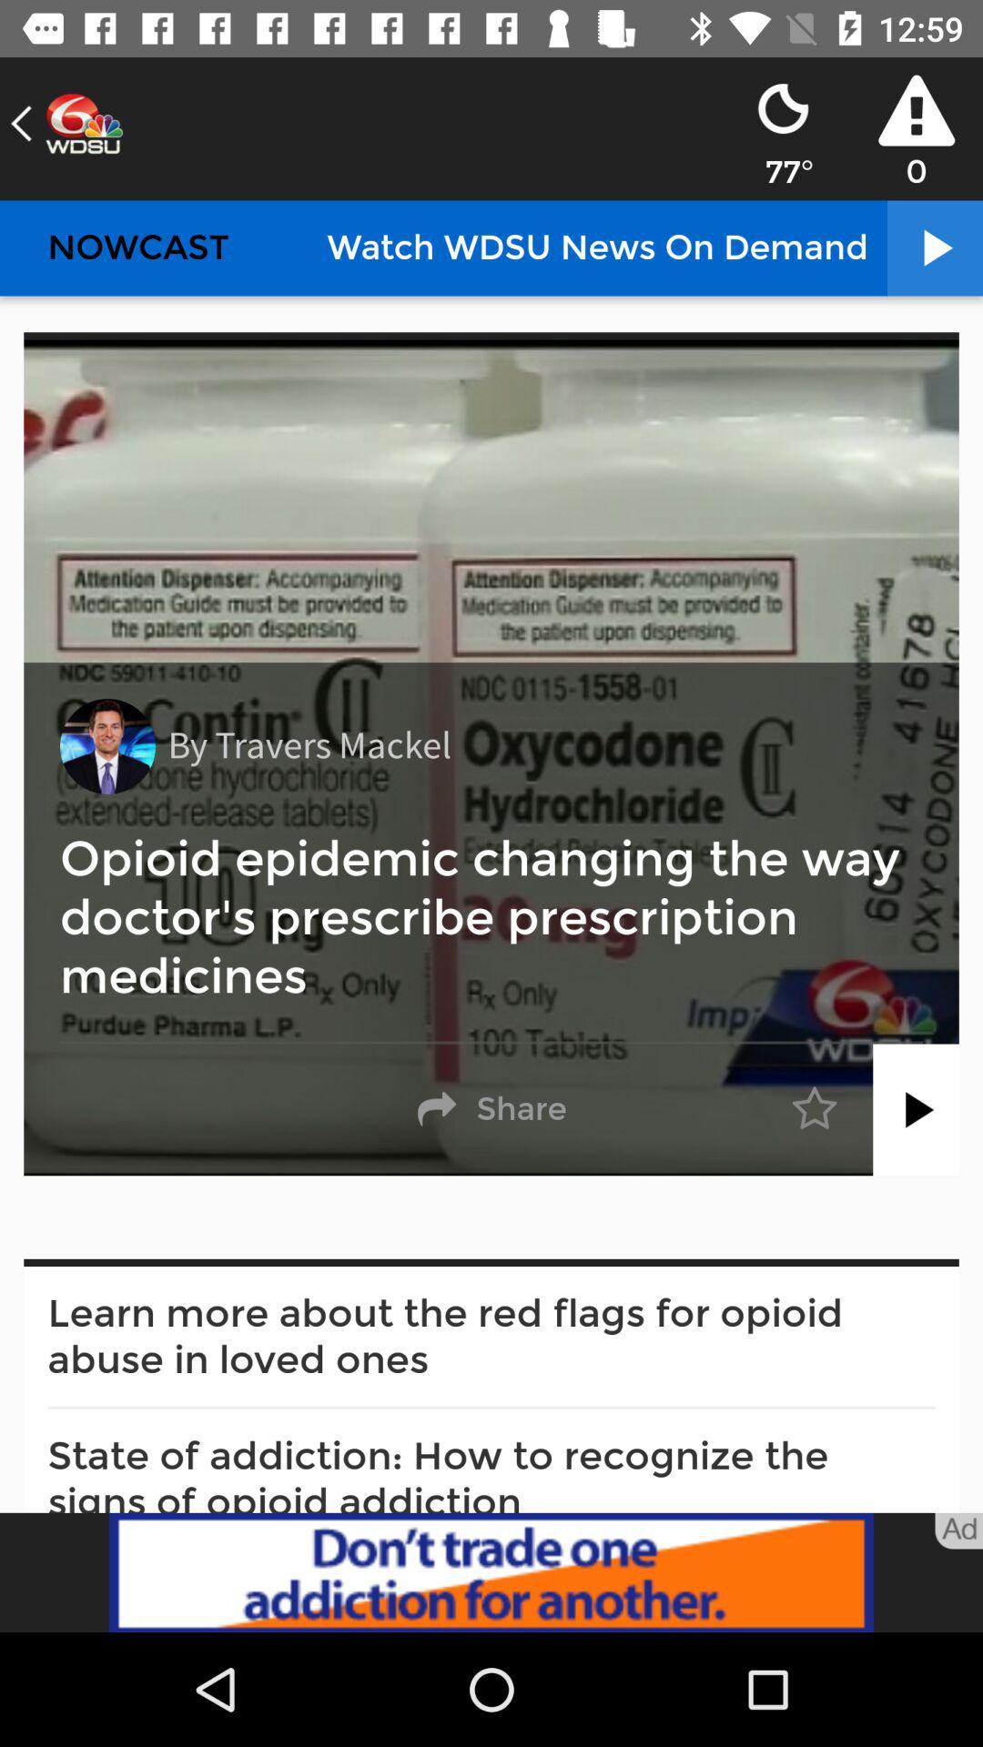  What do you see at coordinates (916, 1108) in the screenshot?
I see `open` at bounding box center [916, 1108].